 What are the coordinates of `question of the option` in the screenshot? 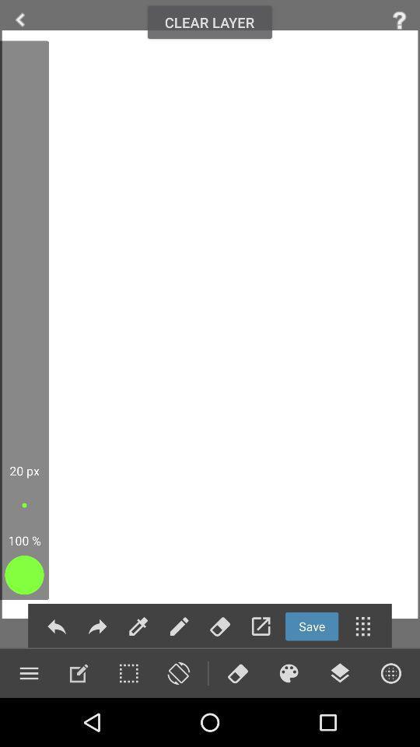 It's located at (399, 19).